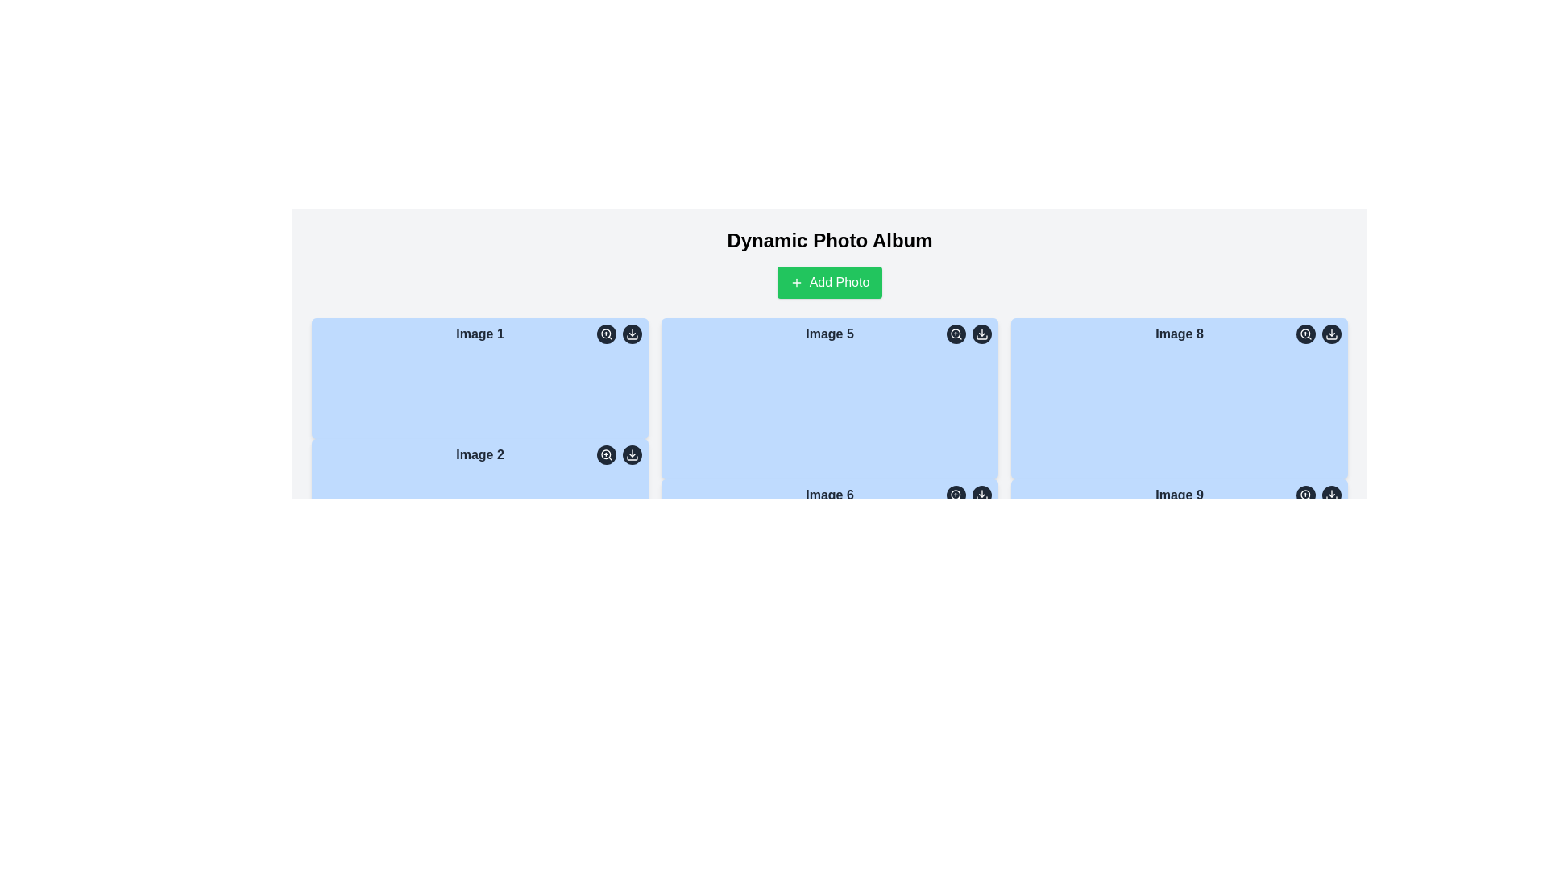 This screenshot has width=1547, height=870. Describe the element at coordinates (1305, 333) in the screenshot. I see `the central circular part of the SVG icon representing a 'zoom-in' action located in the top-right corner of the card labeled 'Image 8'` at that location.